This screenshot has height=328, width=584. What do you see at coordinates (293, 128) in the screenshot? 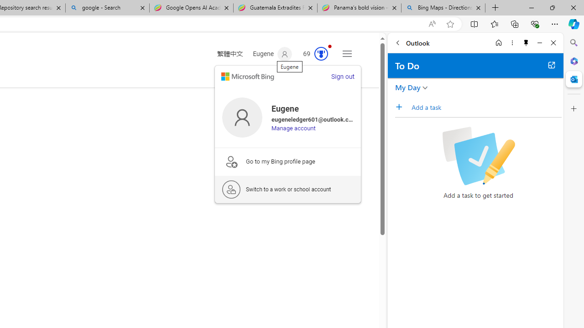
I see `'Manage account'` at bounding box center [293, 128].